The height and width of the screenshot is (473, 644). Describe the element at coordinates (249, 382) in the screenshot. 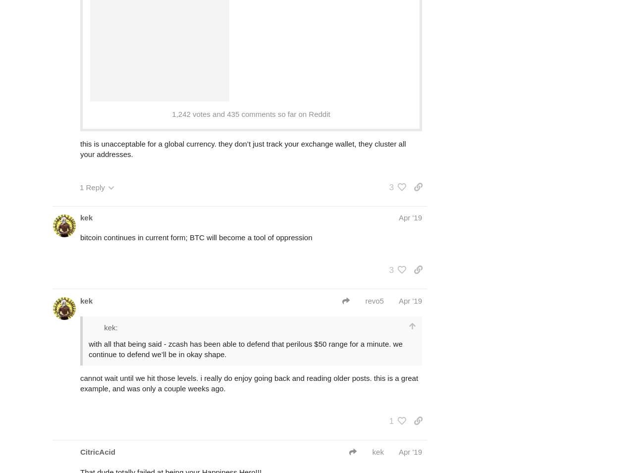

I see `'cannot wait until we hit those levels. i really do enjoy going back and reading older posts. this is a great example, and was only a couple weeks ago.'` at that location.